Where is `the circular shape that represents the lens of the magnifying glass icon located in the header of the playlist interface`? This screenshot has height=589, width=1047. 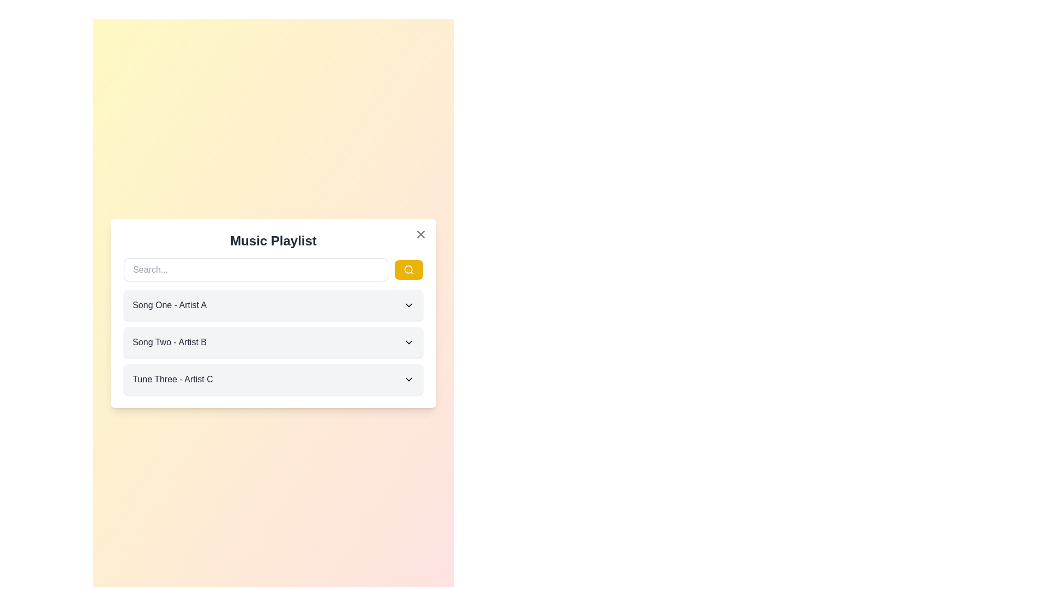
the circular shape that represents the lens of the magnifying glass icon located in the header of the playlist interface is located at coordinates (407, 269).